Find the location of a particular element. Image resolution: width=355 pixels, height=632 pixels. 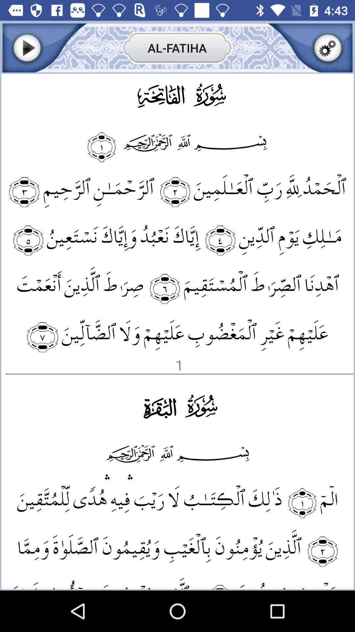

option is located at coordinates (27, 47).